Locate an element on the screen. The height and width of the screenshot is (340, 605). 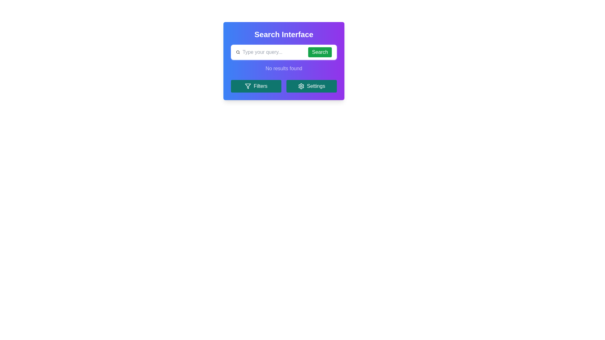
the 'Filters' button to apply filters on the content displayed in the interface, which is located in the first column of a two-column grid layout, below the 'No results found' text is located at coordinates (256, 86).